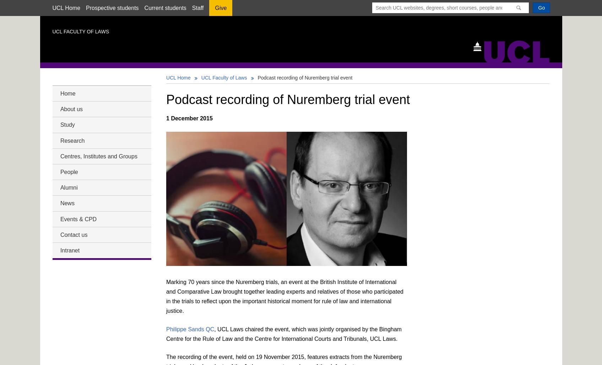  What do you see at coordinates (72, 140) in the screenshot?
I see `'Research'` at bounding box center [72, 140].